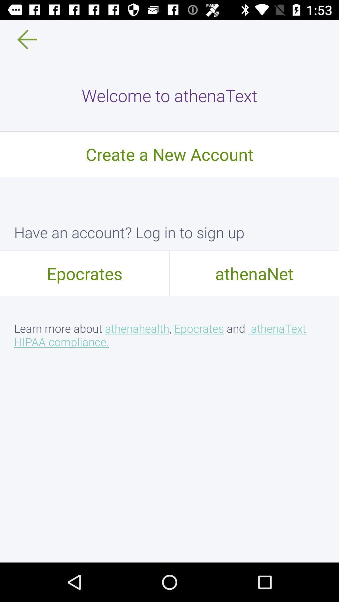 The width and height of the screenshot is (339, 602). Describe the element at coordinates (169, 154) in the screenshot. I see `create a new icon` at that location.